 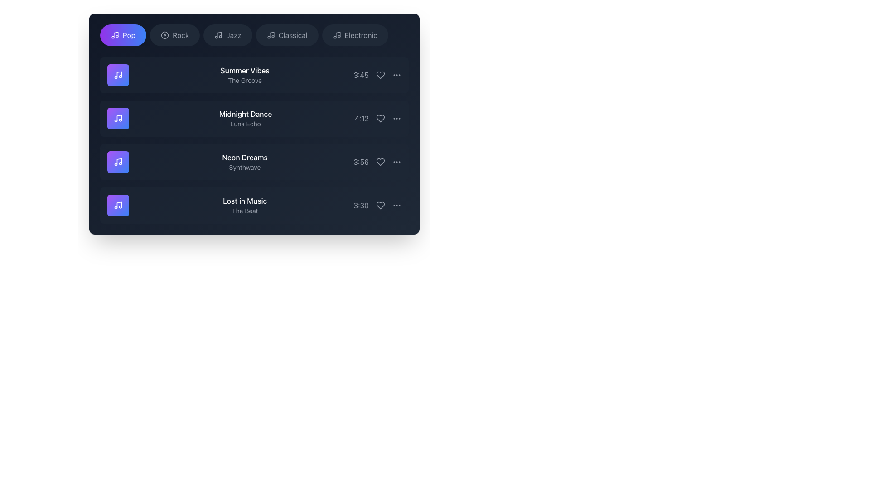 I want to click on the 'Electronic' music genre button located in the fifth position of the genre tabs to filter or navigate to relevant tracks or information, so click(x=354, y=34).